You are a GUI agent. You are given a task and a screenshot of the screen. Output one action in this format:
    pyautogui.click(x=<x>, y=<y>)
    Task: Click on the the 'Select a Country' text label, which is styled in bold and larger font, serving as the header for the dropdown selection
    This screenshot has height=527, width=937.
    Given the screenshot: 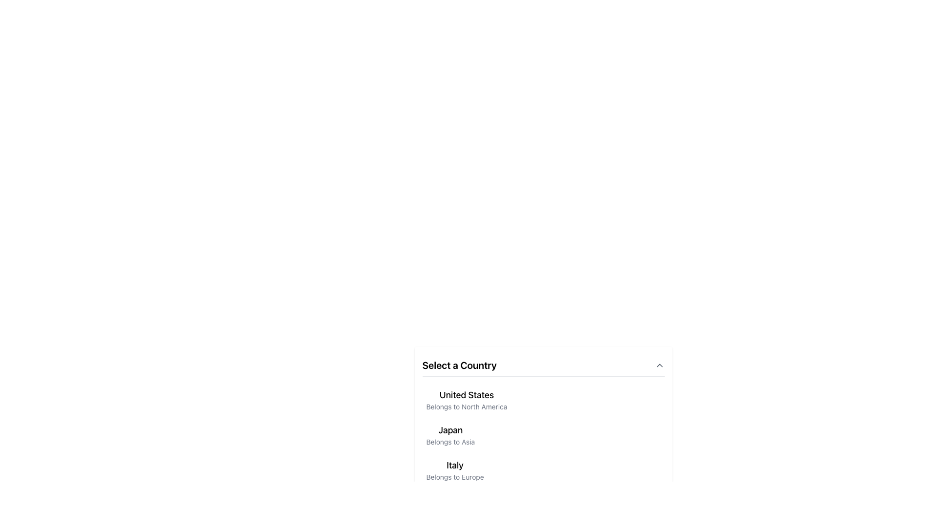 What is the action you would take?
    pyautogui.click(x=459, y=365)
    